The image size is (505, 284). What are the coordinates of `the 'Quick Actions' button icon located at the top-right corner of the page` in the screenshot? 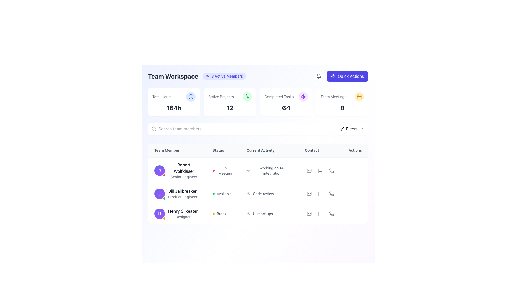 It's located at (333, 76).